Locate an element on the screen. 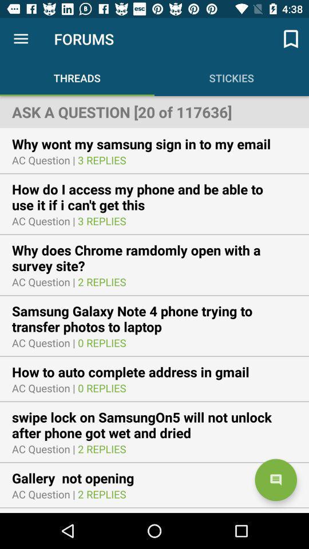 The width and height of the screenshot is (309, 549). the icon above ac question | is located at coordinates (154, 197).